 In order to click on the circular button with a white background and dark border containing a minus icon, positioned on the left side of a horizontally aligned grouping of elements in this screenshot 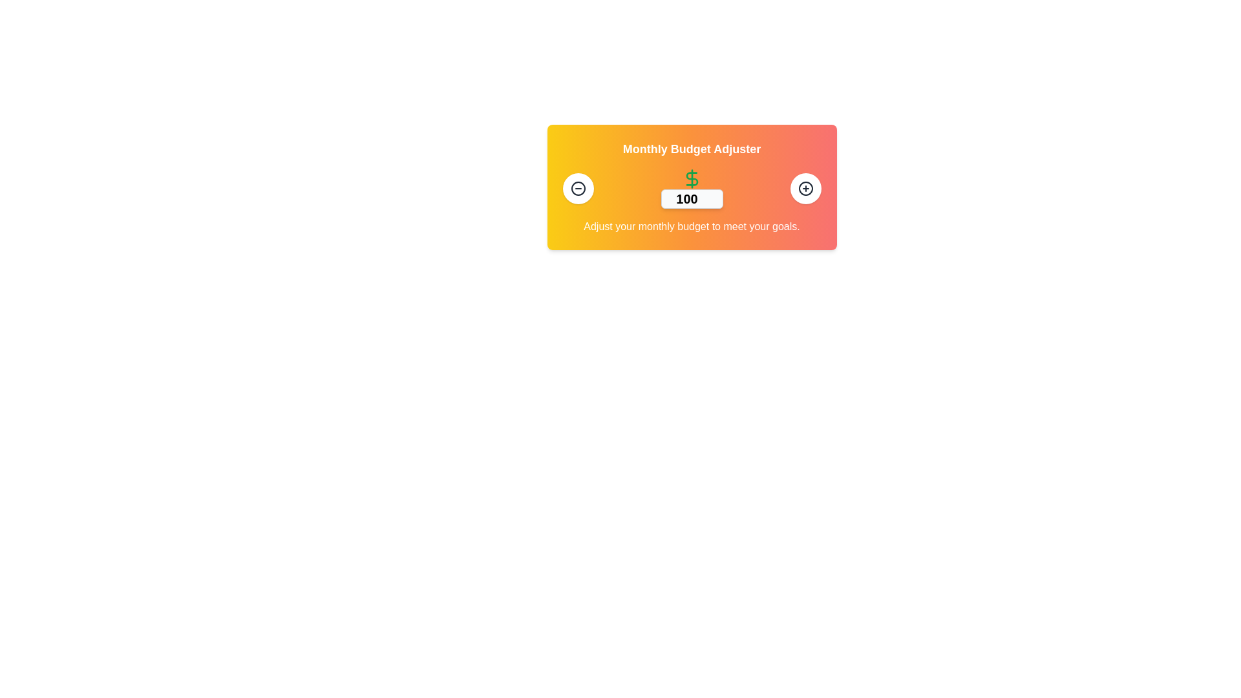, I will do `click(577, 189)`.